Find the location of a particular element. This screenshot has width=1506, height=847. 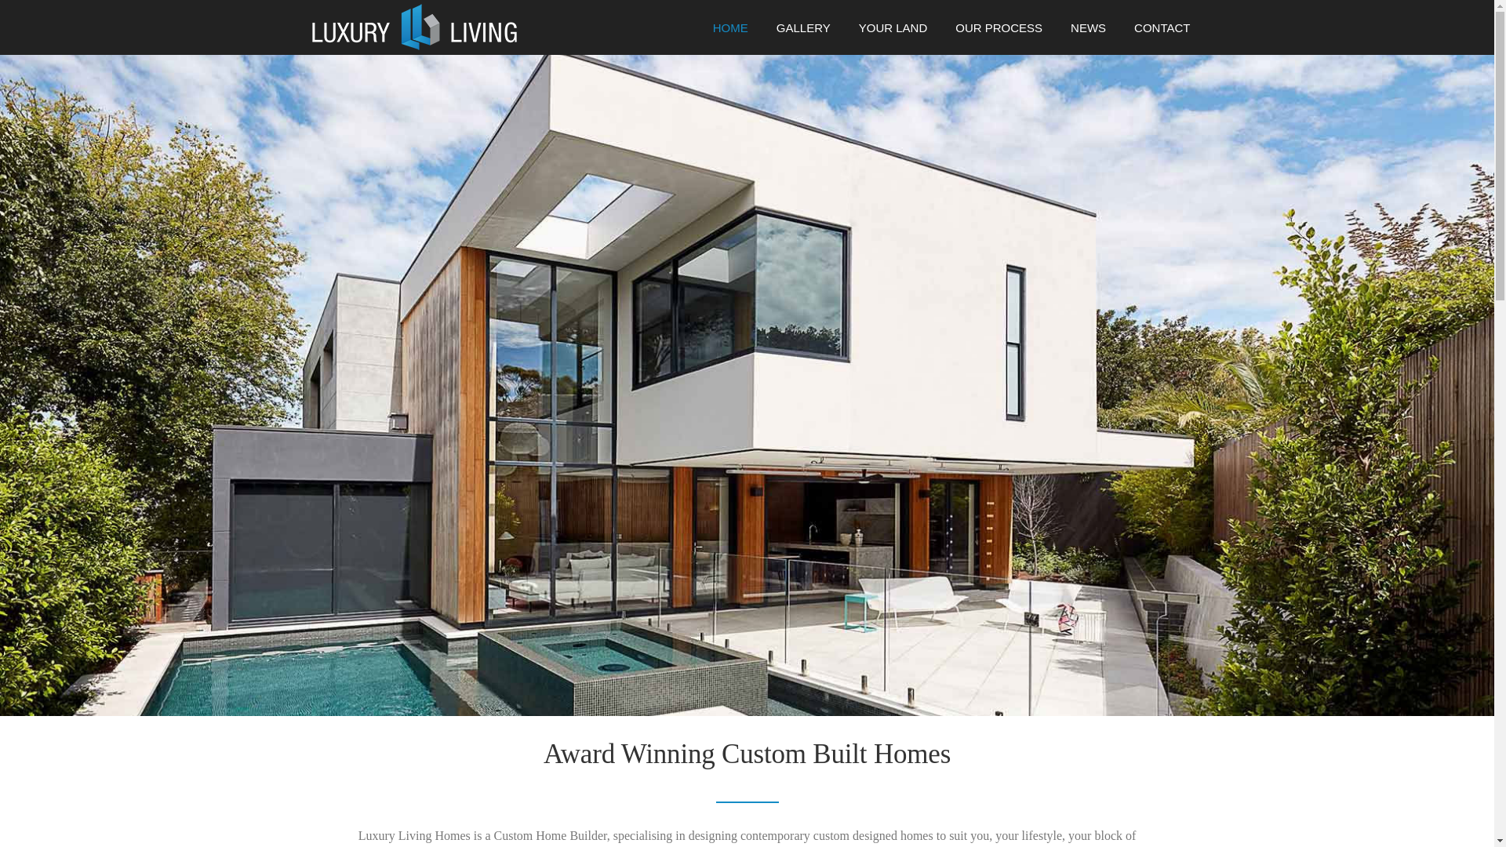

'HOME' is located at coordinates (698, 34).